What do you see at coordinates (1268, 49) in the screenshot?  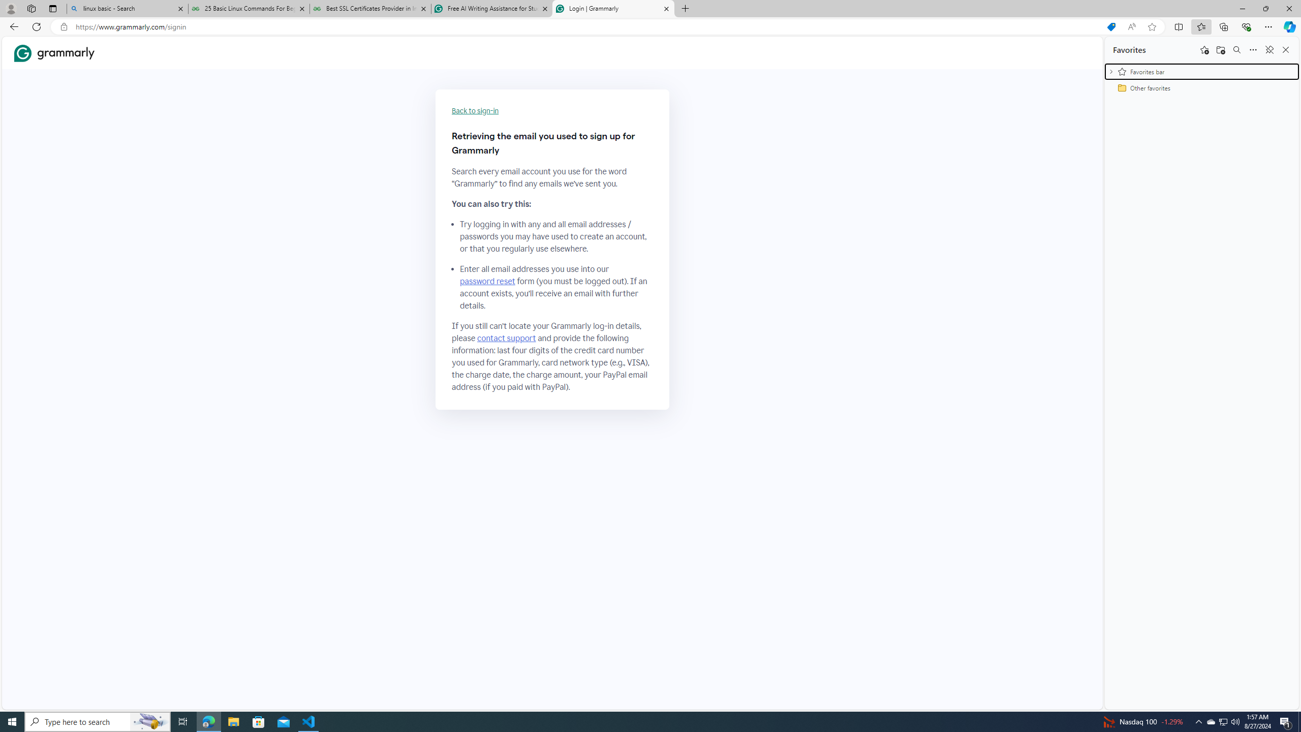 I see `'Unpin favorites'` at bounding box center [1268, 49].